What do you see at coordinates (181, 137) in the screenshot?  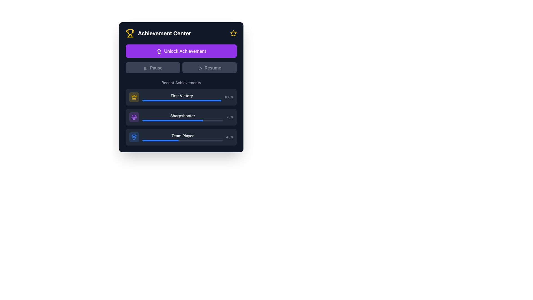 I see `the progress bar on the 'Team Player' Achievement Card, which is the third card in the 'Recent Achievements' section, displaying a 45% completion status` at bounding box center [181, 137].